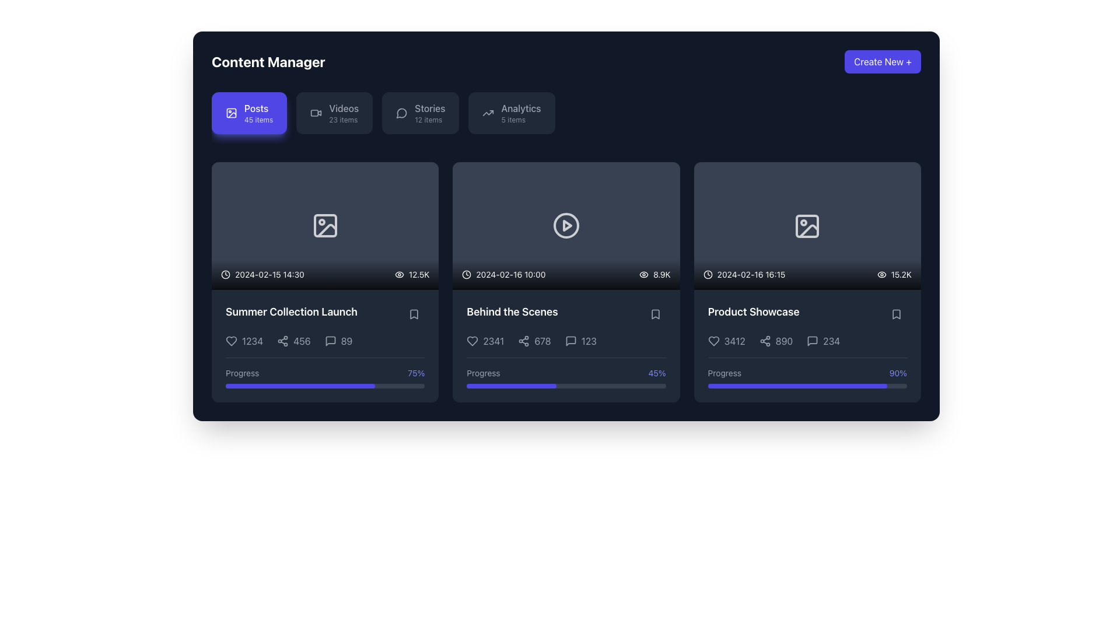  I want to click on the timestamp text label displaying '2024-02-15 14:30', which is located below the image placeholder in the first card of the content grid and adjacent to a clock icon, so click(269, 274).